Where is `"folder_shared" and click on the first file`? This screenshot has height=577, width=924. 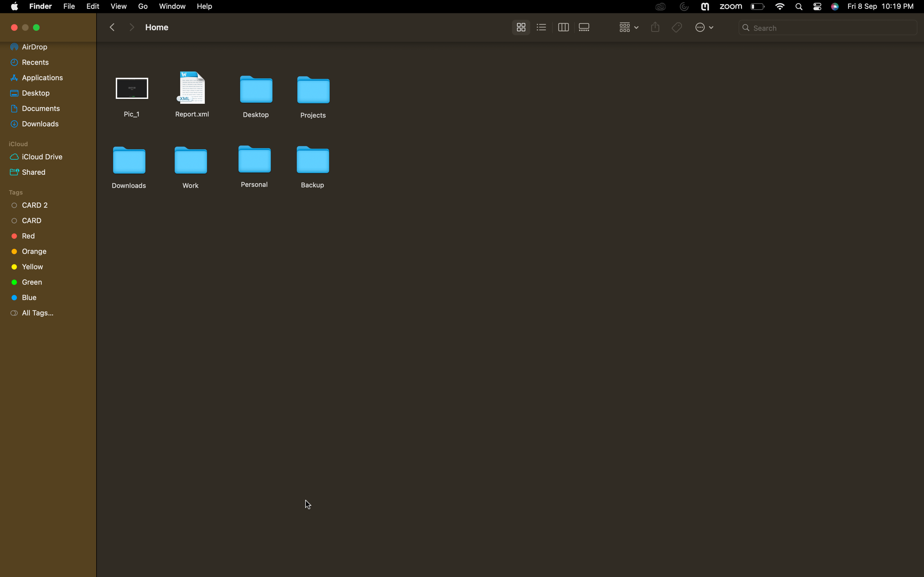 "folder_shared" and click on the first file is located at coordinates (45, 171).